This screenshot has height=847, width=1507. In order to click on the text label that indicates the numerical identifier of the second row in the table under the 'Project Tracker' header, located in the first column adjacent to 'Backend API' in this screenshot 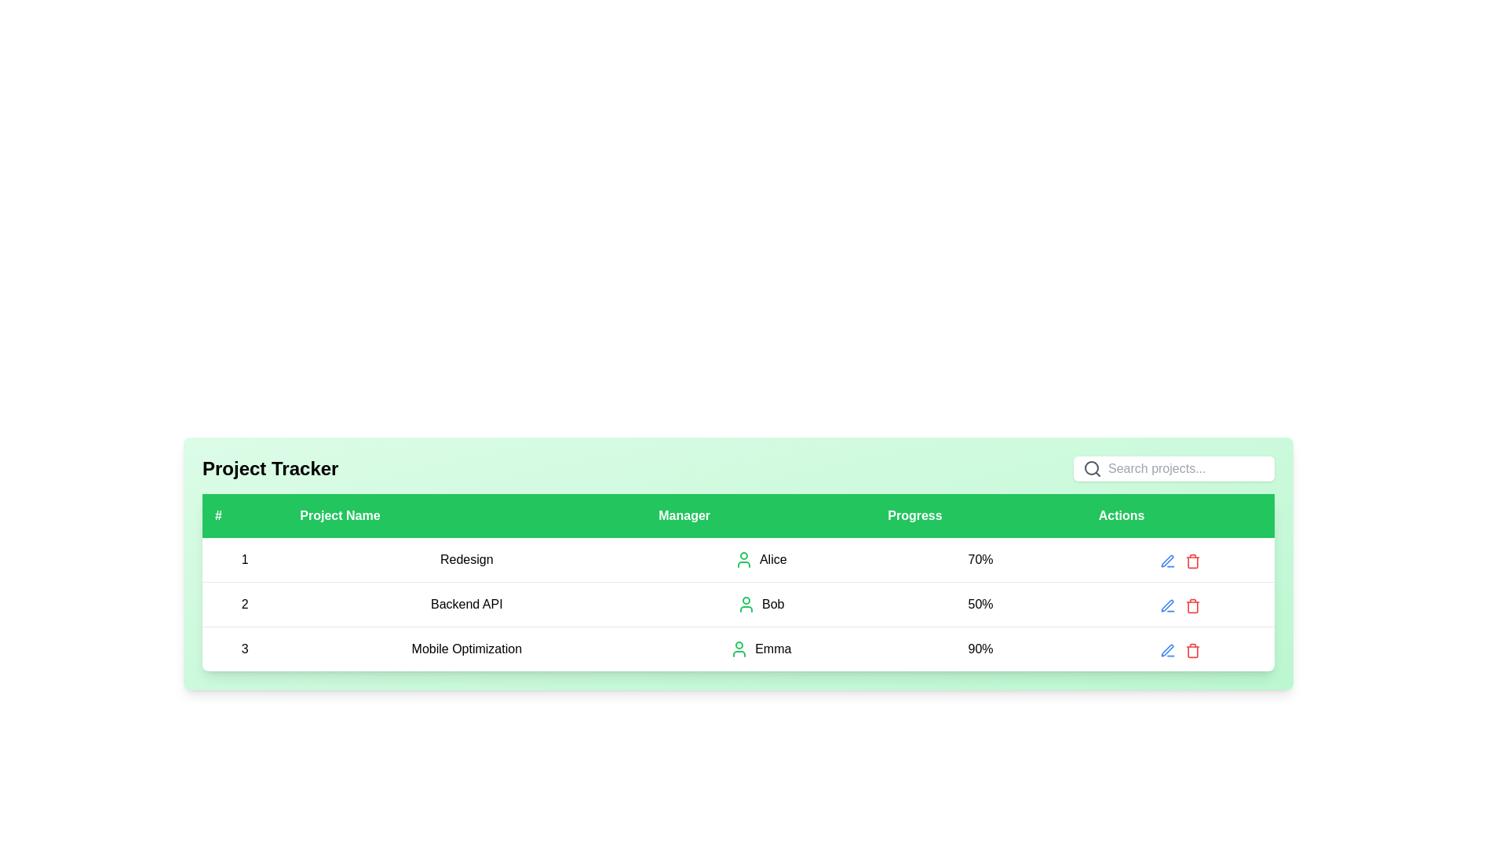, I will do `click(244, 604)`.